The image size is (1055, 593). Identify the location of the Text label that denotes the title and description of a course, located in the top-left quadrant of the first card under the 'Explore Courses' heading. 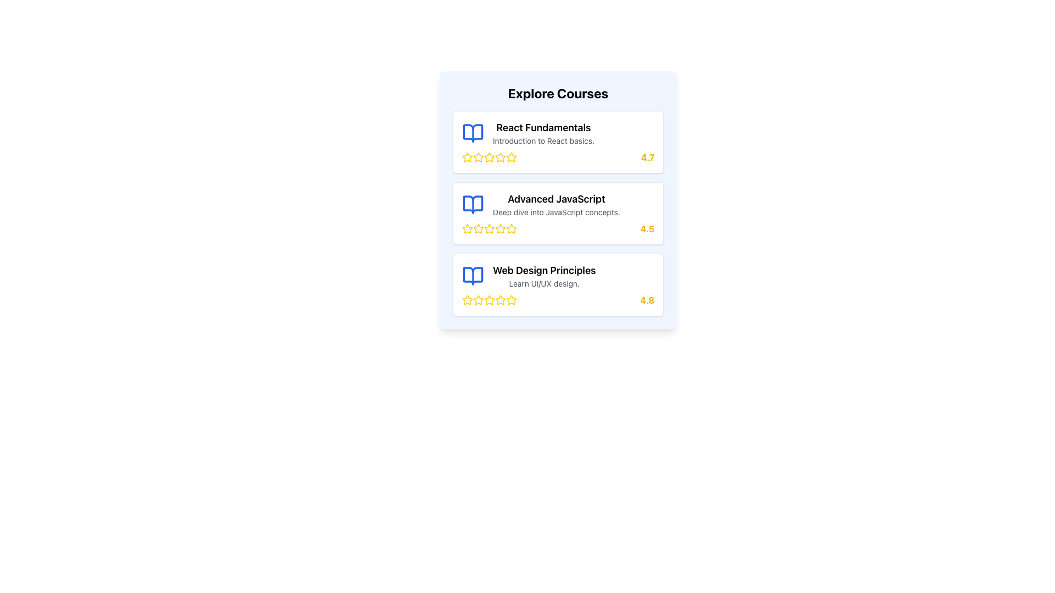
(543, 133).